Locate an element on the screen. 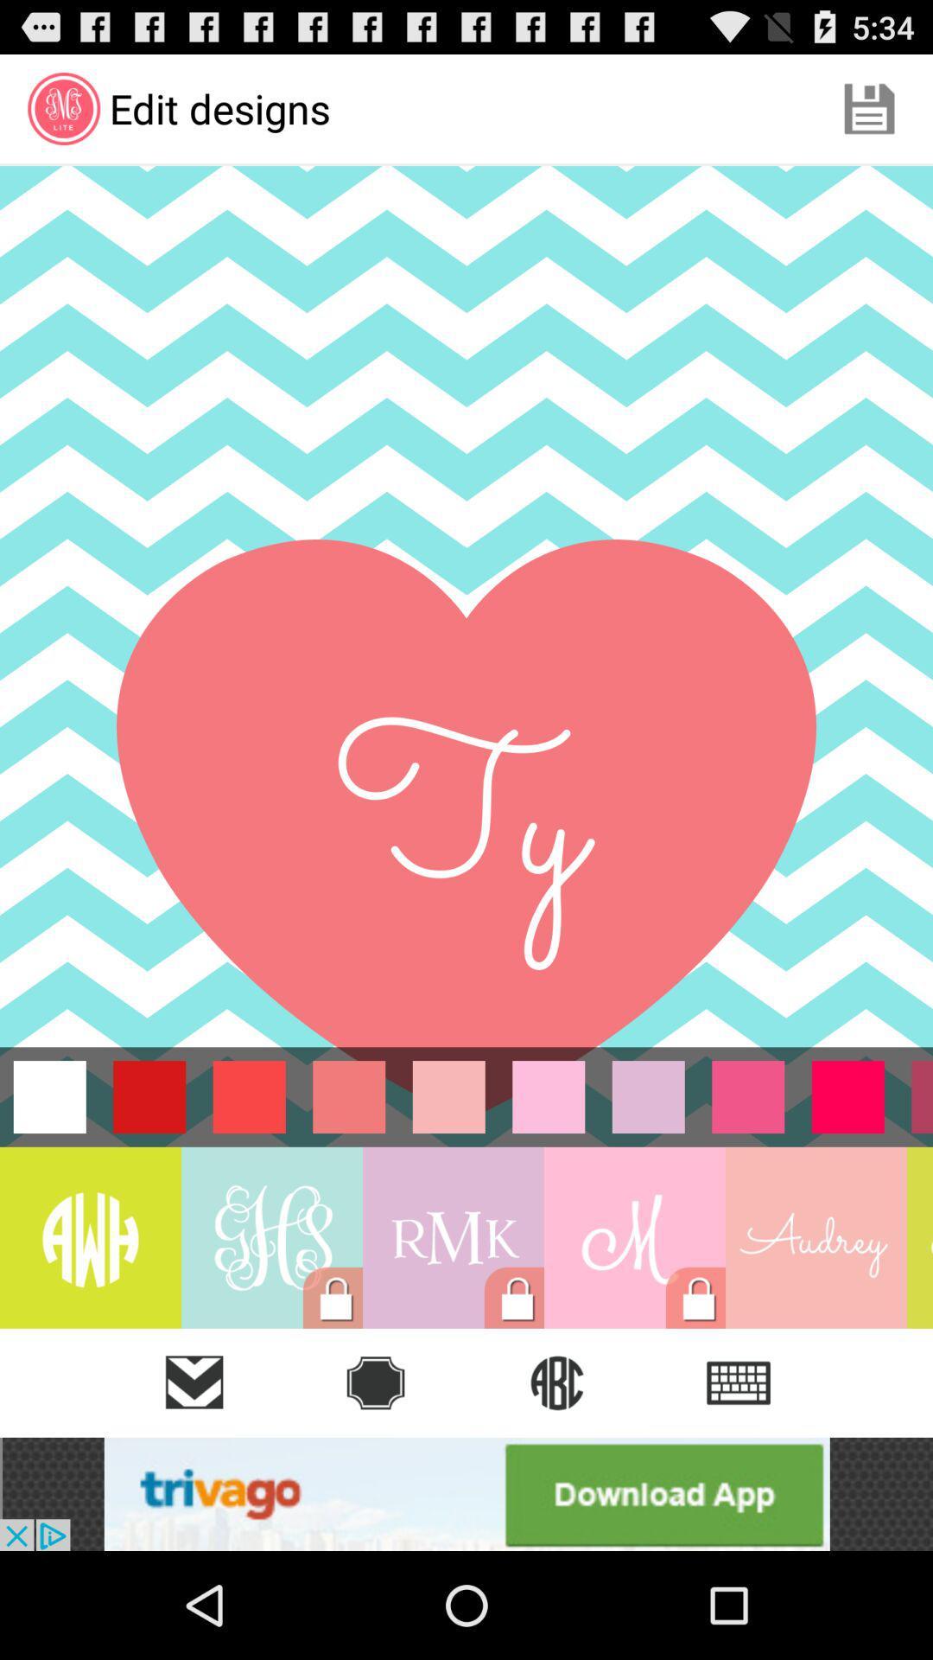 This screenshot has height=1660, width=933. the image m left to audrey is located at coordinates (635, 1236).